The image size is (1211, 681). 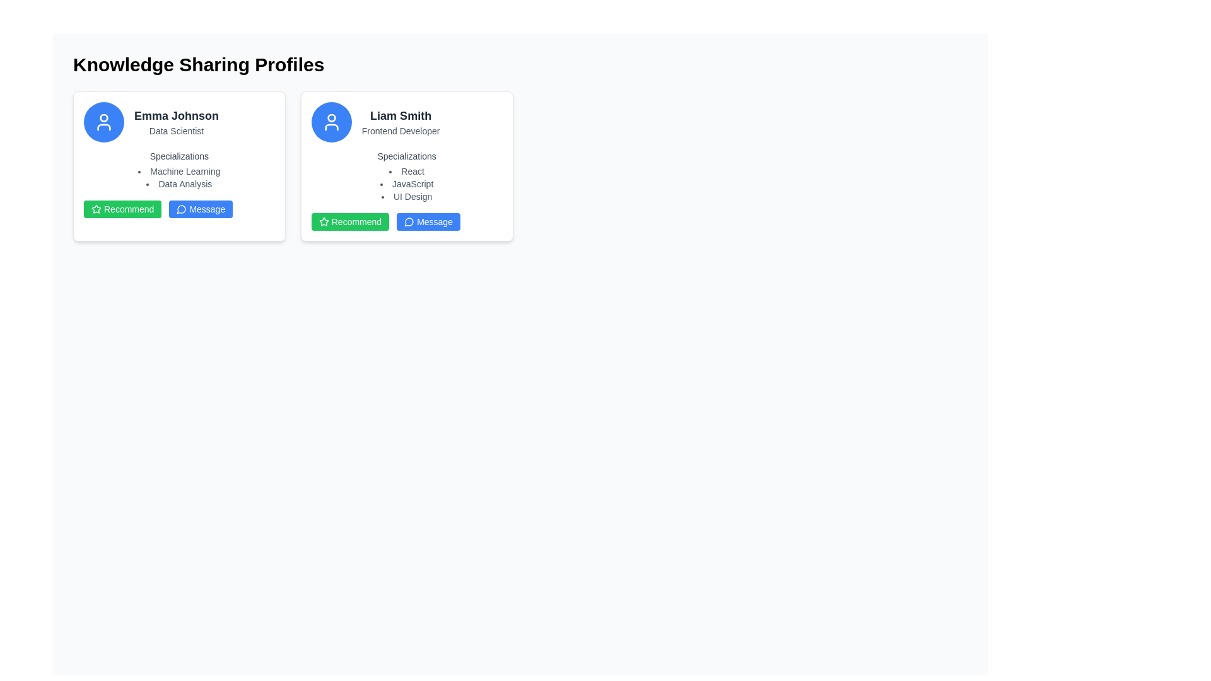 What do you see at coordinates (178, 155) in the screenshot?
I see `the static text label that serves as a title for the specialization section in the user profile card, located at the top of the left card, just below the user's name and title` at bounding box center [178, 155].